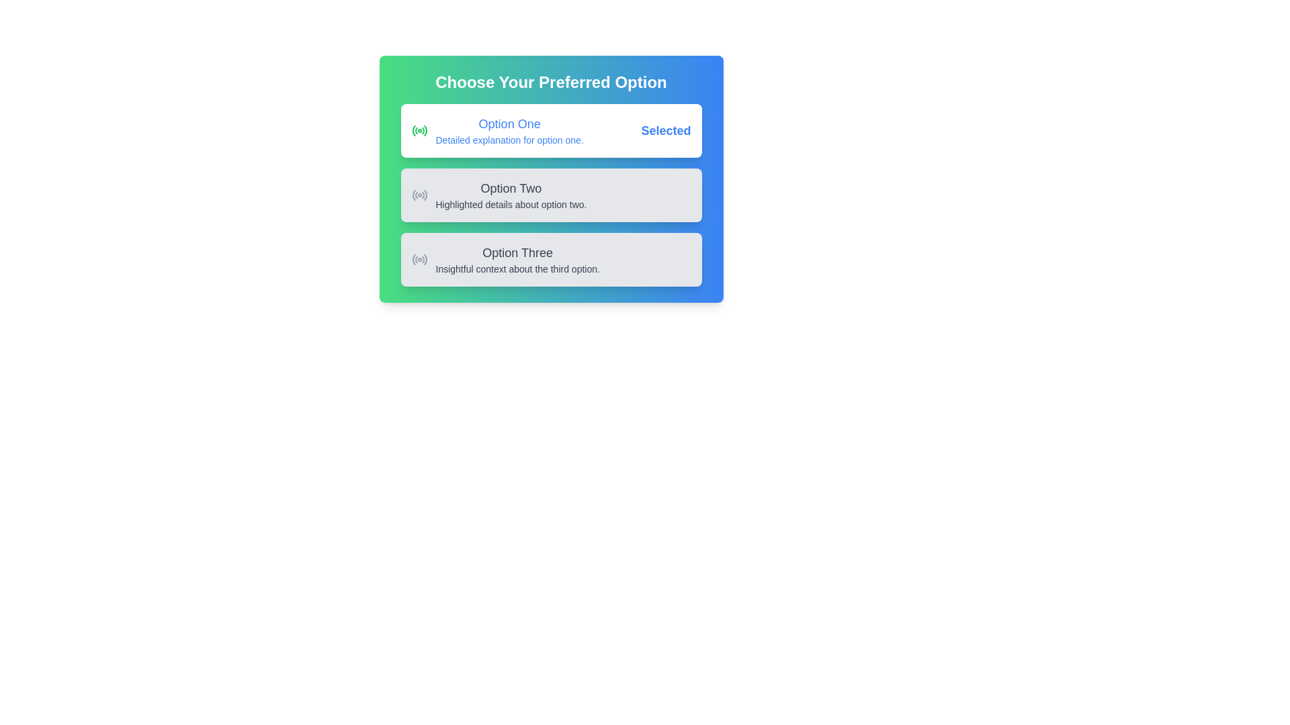 This screenshot has width=1290, height=725. I want to click on the gray circular radio button icon located to the left of the text 'Option Two', so click(419, 195).